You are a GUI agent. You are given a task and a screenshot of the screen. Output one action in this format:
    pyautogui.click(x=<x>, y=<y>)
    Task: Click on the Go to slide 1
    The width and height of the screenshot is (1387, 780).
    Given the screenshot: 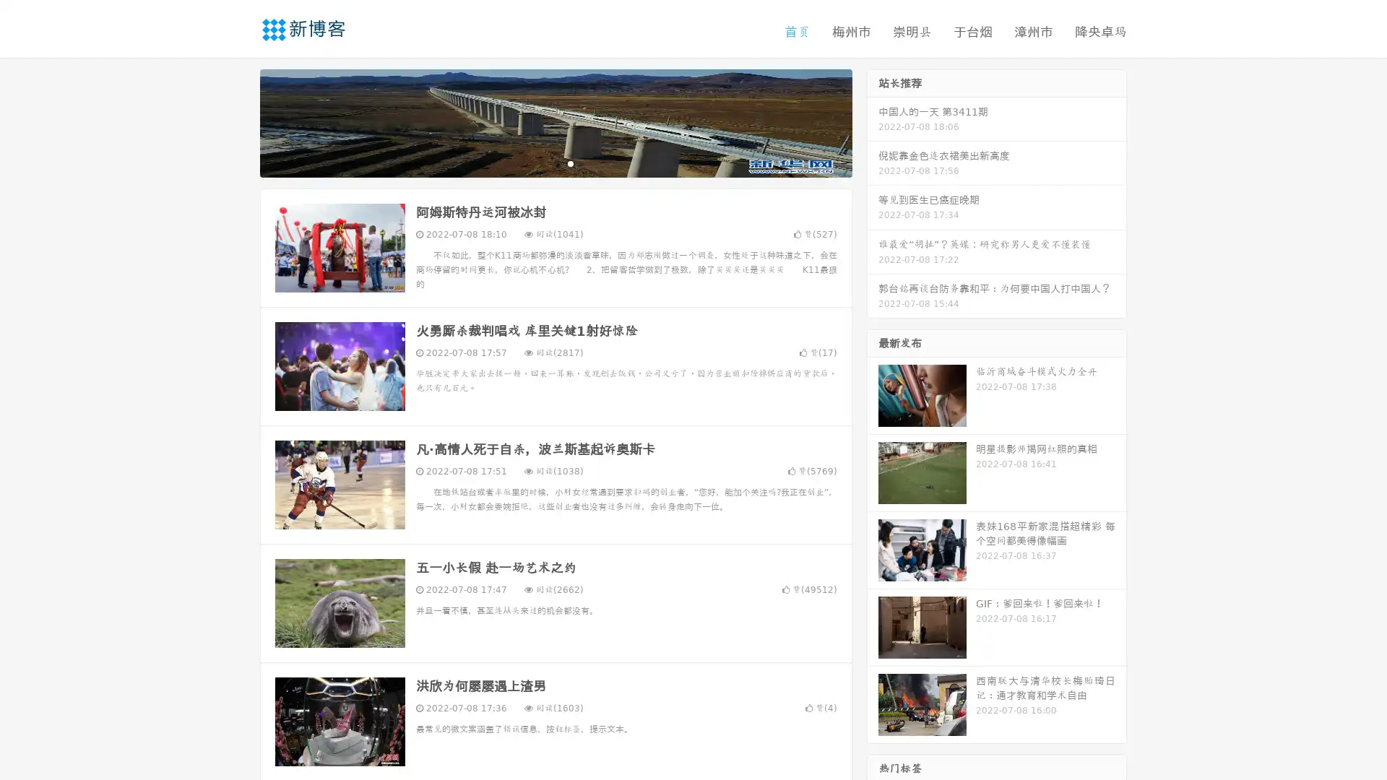 What is the action you would take?
    pyautogui.click(x=540, y=162)
    